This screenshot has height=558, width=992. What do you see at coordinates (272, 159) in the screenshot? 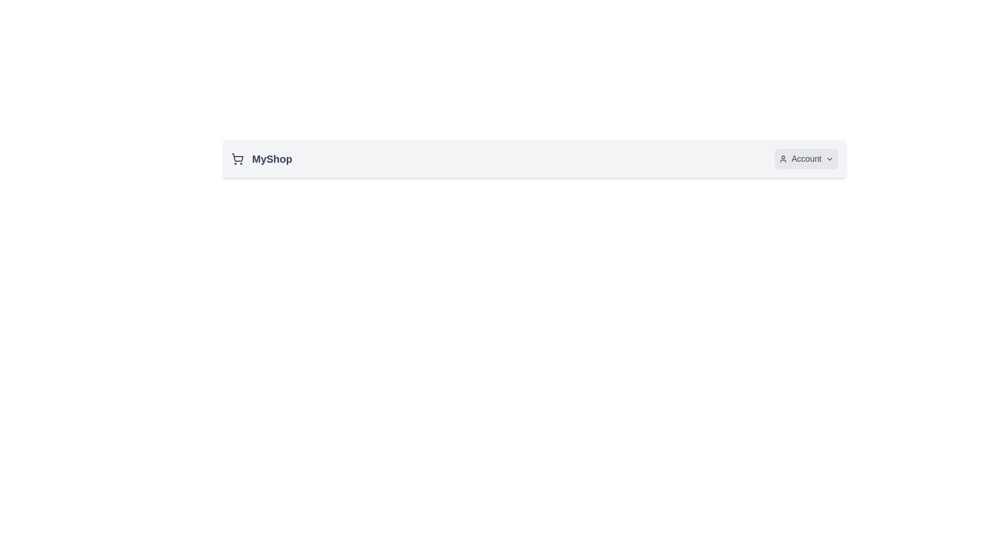
I see `the text label 'MyShop', which is styled in bold gray font and located next to a shopping cart icon in the navigation bar` at bounding box center [272, 159].